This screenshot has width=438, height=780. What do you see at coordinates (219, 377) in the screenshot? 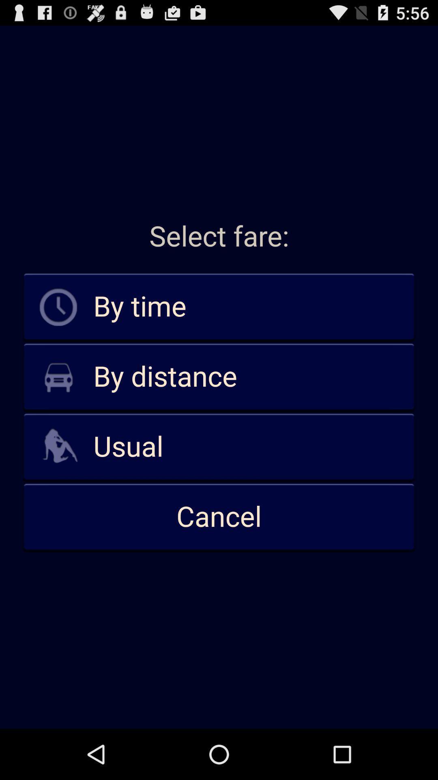
I see `the by distance item` at bounding box center [219, 377].